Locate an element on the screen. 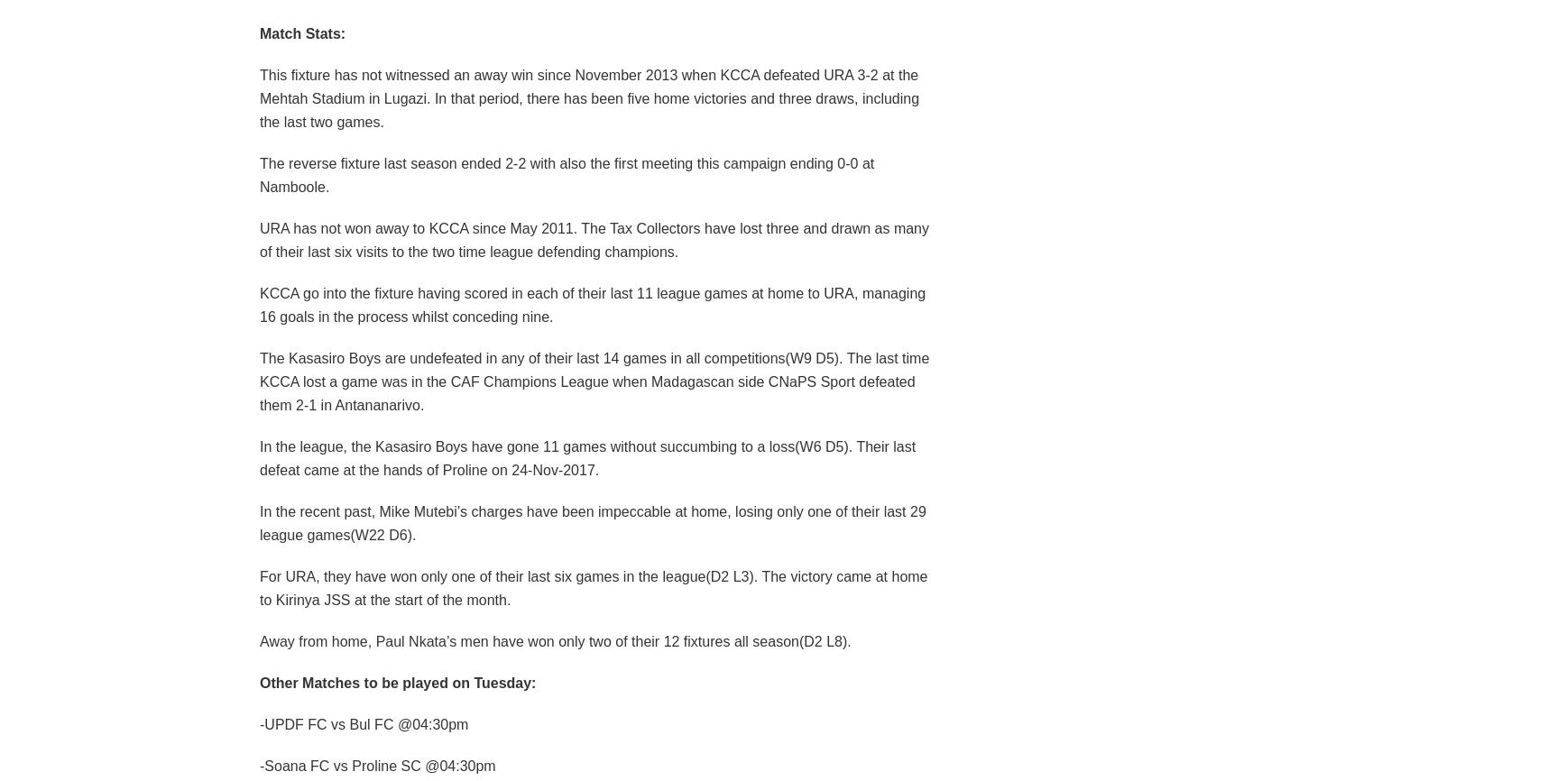 This screenshot has height=781, width=1548. 'The Kasasiro Boys are undefeated in any of their last 14 games in all competitions(W9 D5). The last time KCCA lost a game was in the CAF Champions League when Madagascan side CNaPS Sport defeated them 2-1 in Antananarivo.' is located at coordinates (593, 380).